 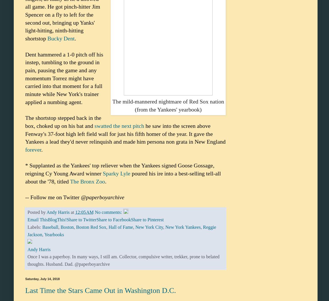 What do you see at coordinates (44, 234) in the screenshot?
I see `'Yearbooks'` at bounding box center [44, 234].